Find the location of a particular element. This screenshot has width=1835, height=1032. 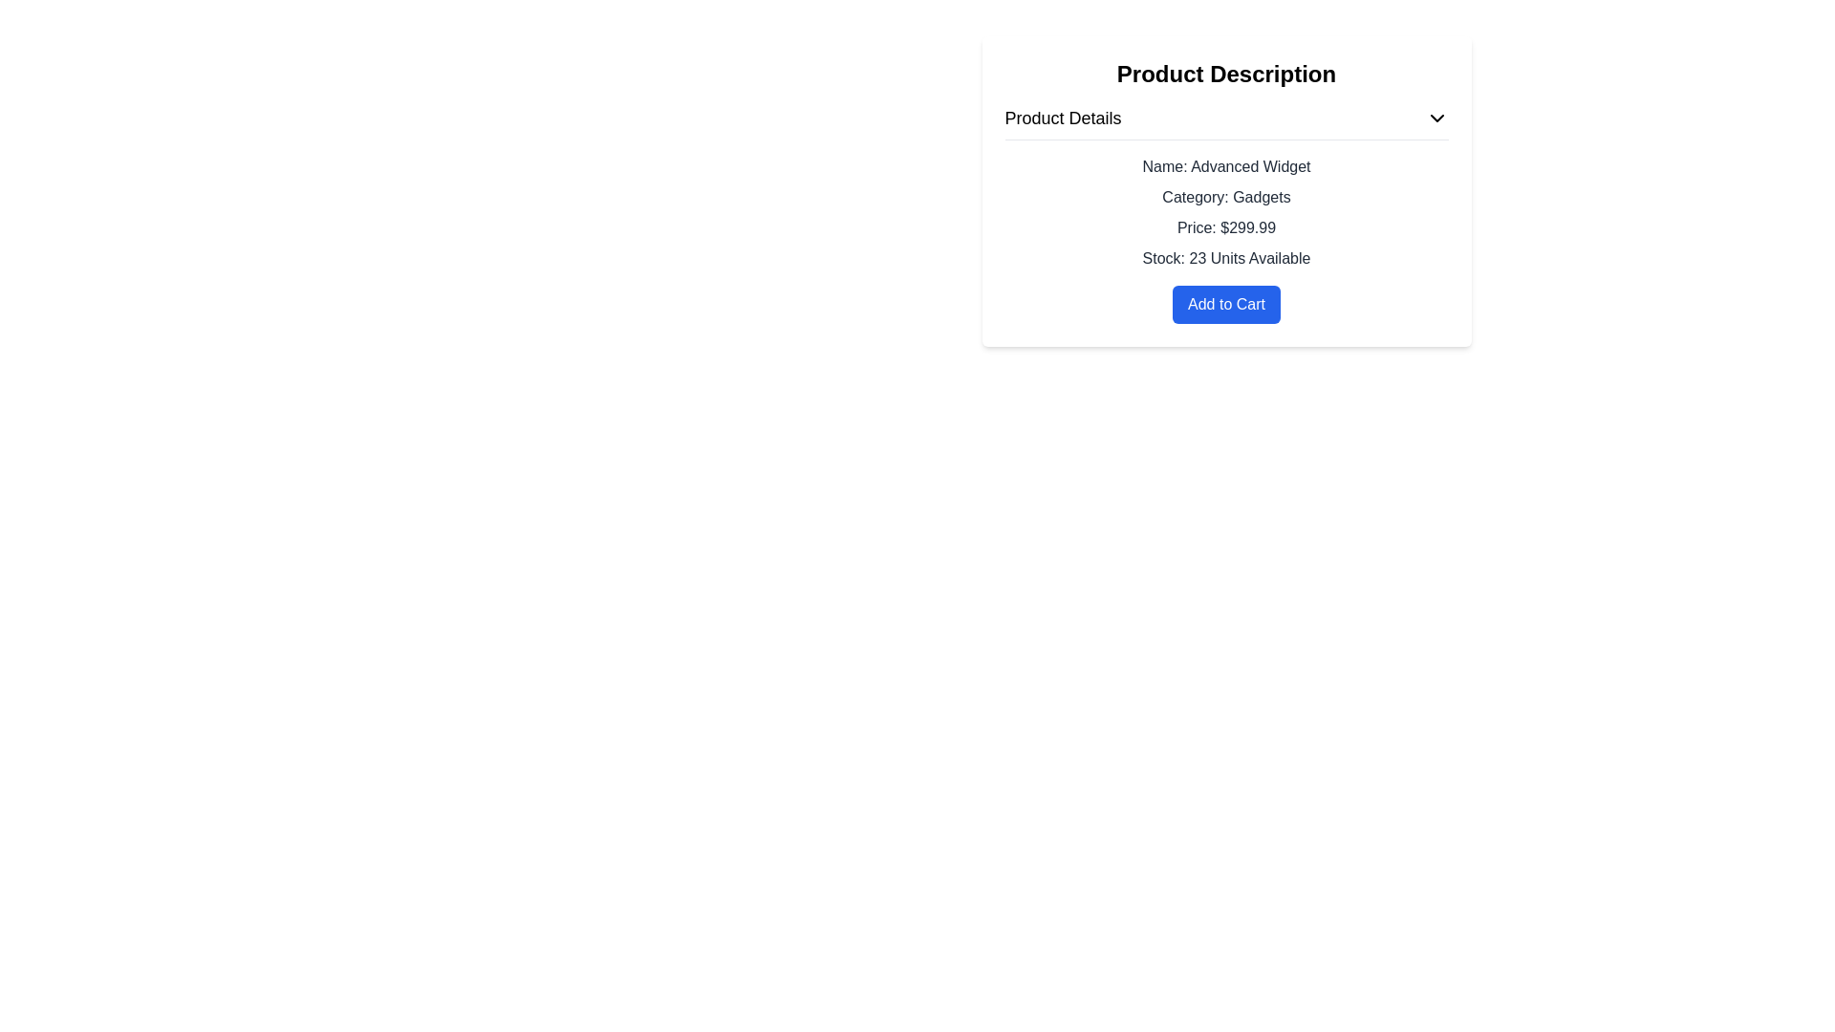

the Label/Text element that serves as a header for the product details section, located at the upper left of the 'Product Description' area is located at coordinates (1062, 118).